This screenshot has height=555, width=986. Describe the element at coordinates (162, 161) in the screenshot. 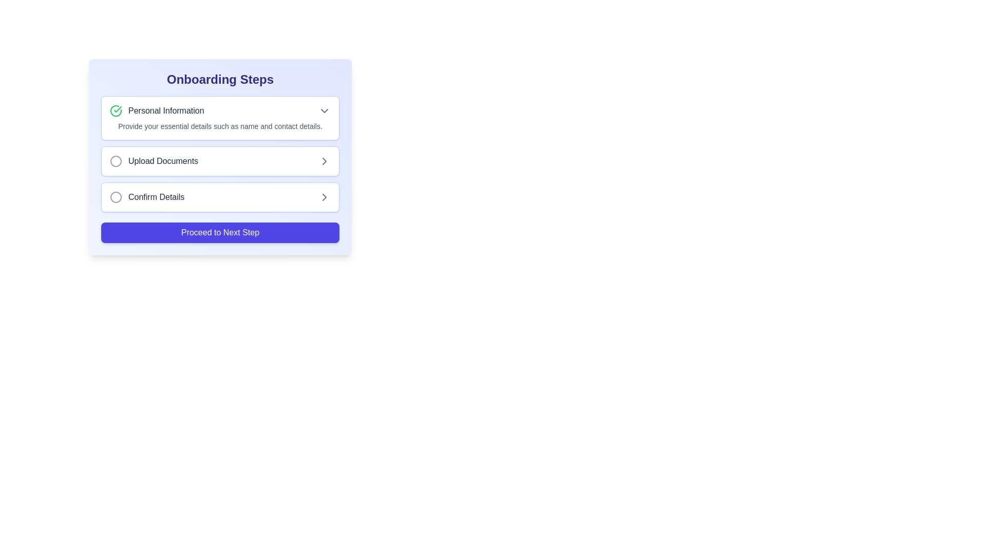

I see `the 'Upload Documents' text label, which is the second step indicator in the onboarding stages, styled in gray with medium font weight` at that location.